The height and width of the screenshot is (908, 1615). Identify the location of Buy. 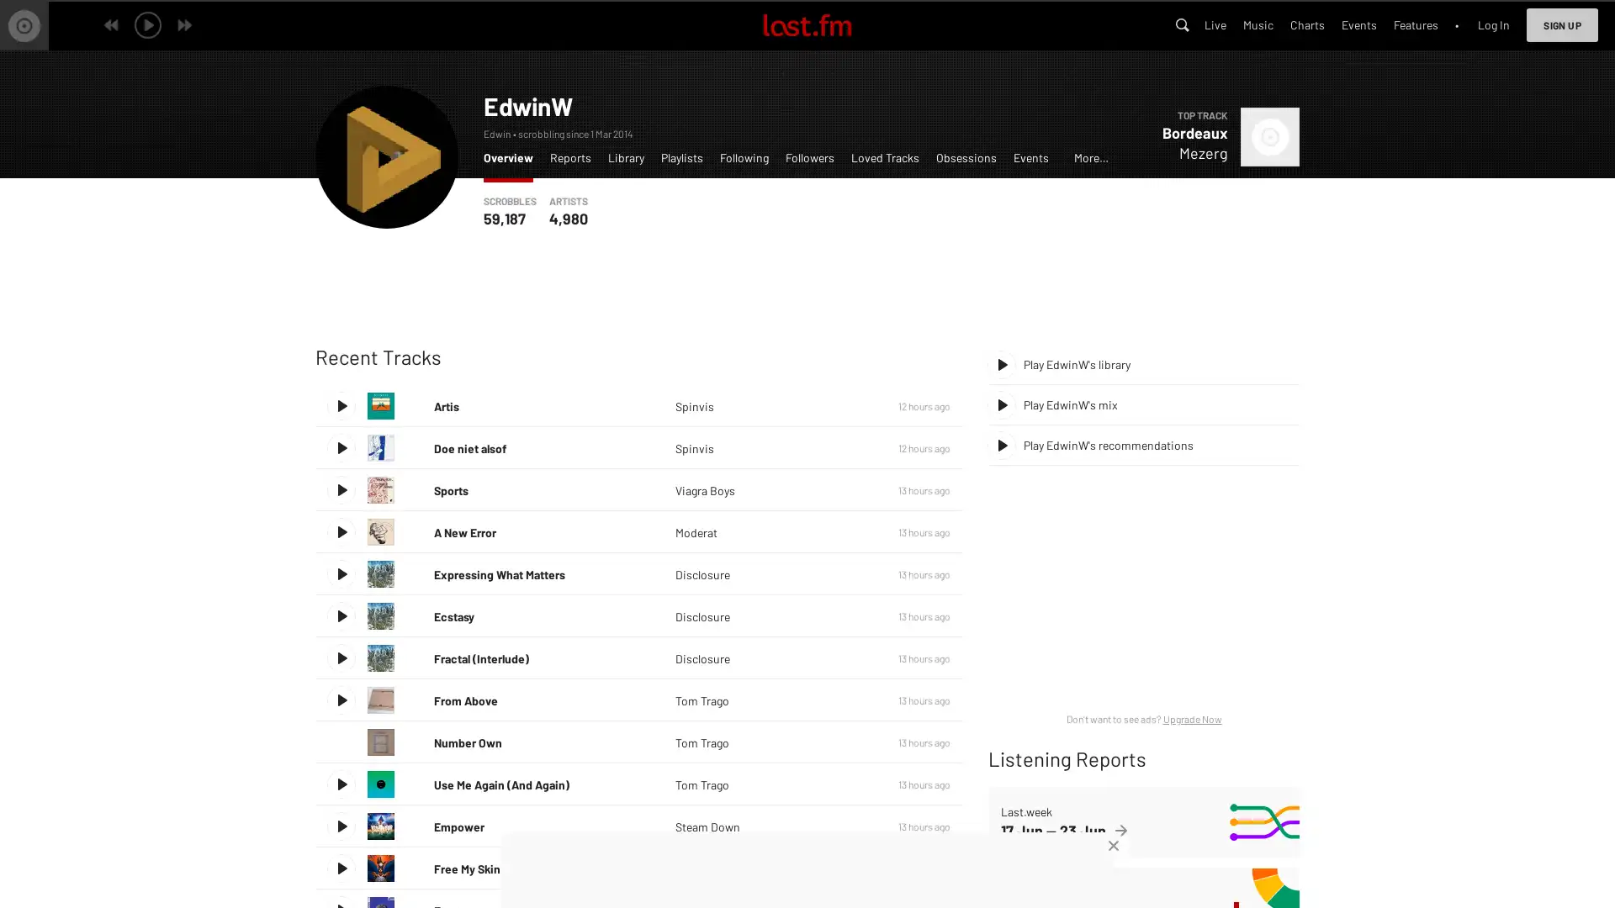
(848, 826).